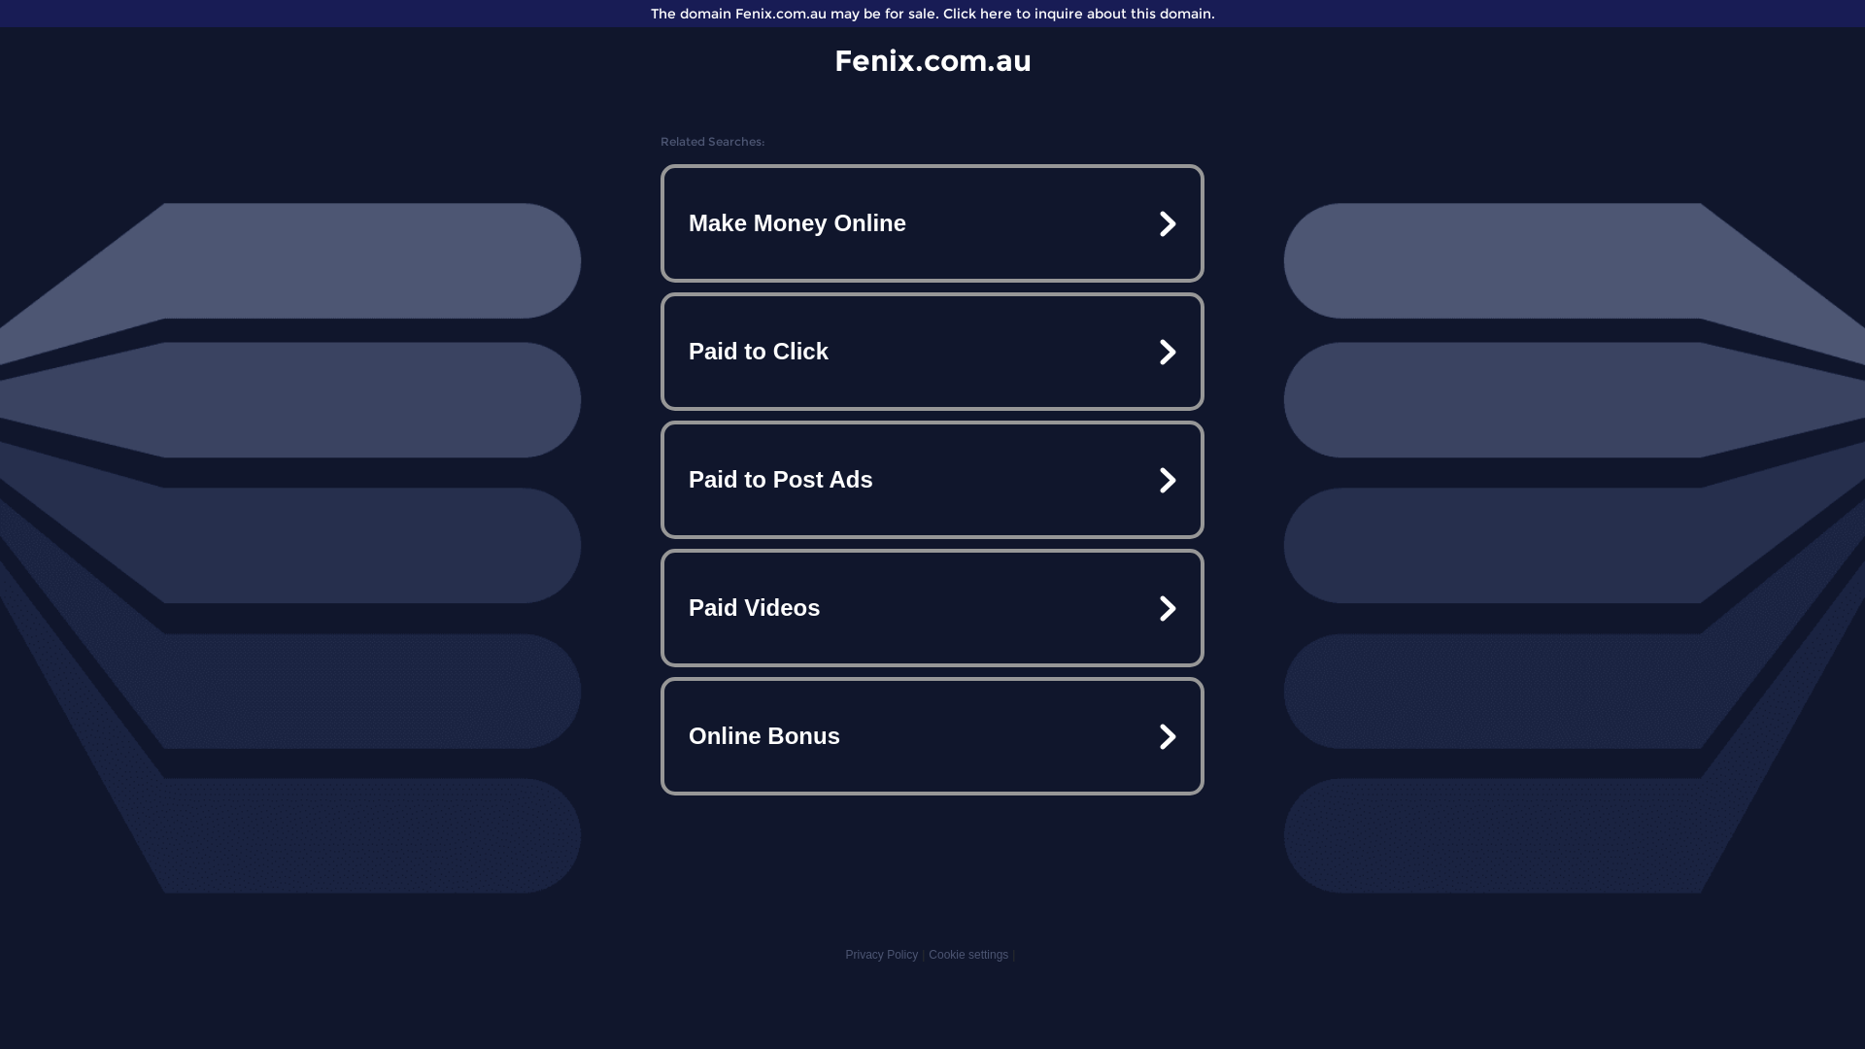 This screenshot has width=1865, height=1049. Describe the element at coordinates (968, 954) in the screenshot. I see `'Cookie settings'` at that location.